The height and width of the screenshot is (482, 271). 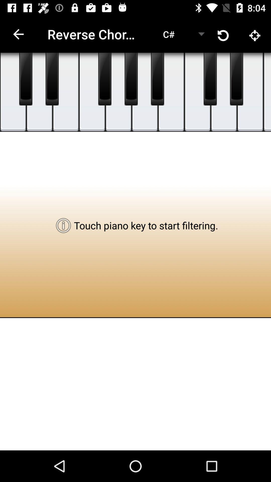 What do you see at coordinates (118, 92) in the screenshot?
I see `the national_flag icon` at bounding box center [118, 92].